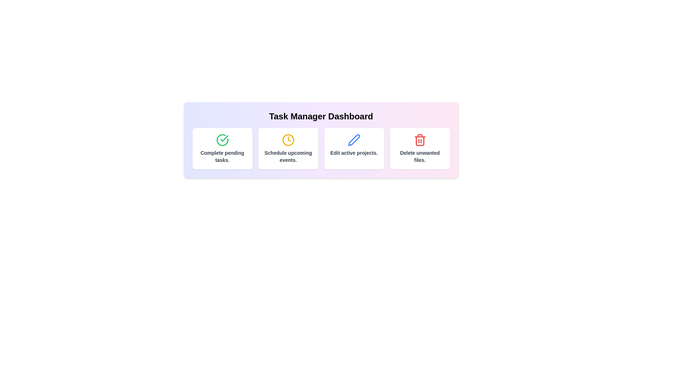 The width and height of the screenshot is (687, 386). What do you see at coordinates (222, 156) in the screenshot?
I see `the text label that says 'Complete pending tasks.' located within the leftmost card of the four-card layout in the main dashboard` at bounding box center [222, 156].